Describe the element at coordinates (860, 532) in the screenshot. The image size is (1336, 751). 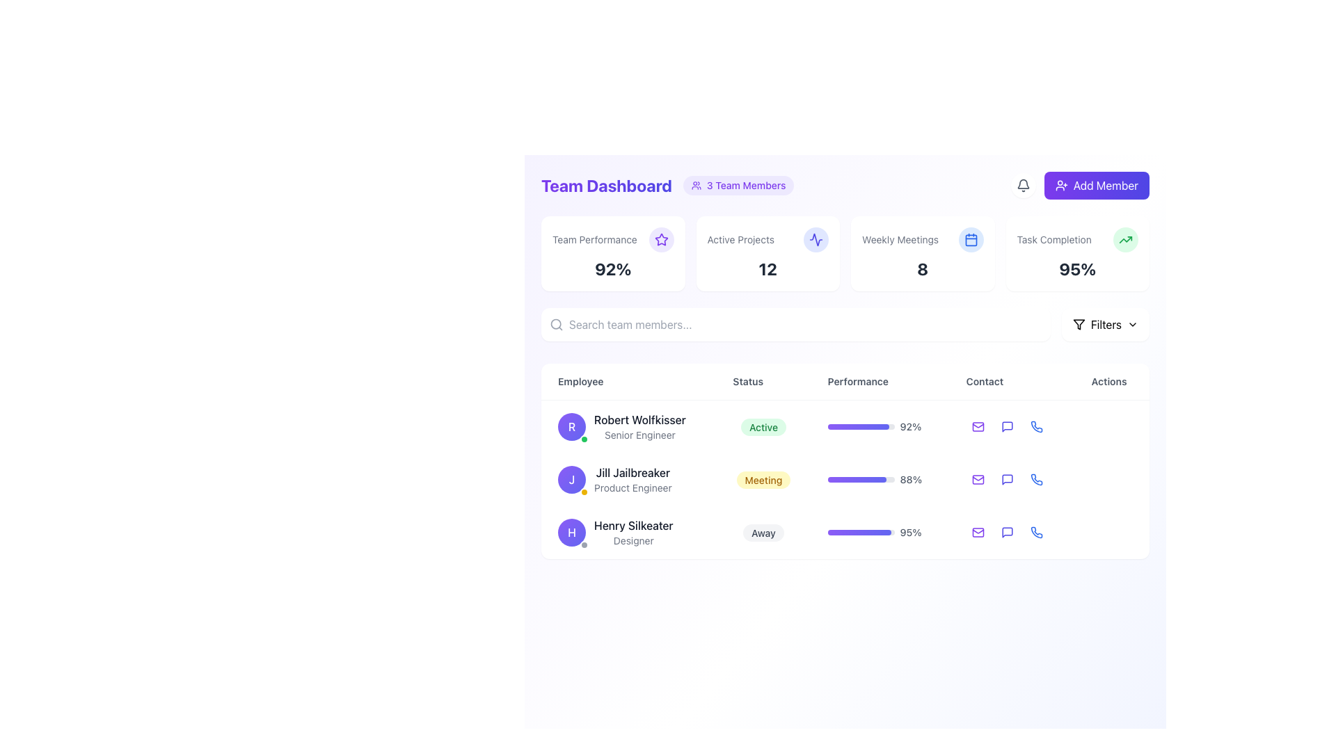
I see `the horizontal progress bar indicating 95% completion, located in the bottom row of the 'Performance' column next to 'Henry Silkeater' status` at that location.